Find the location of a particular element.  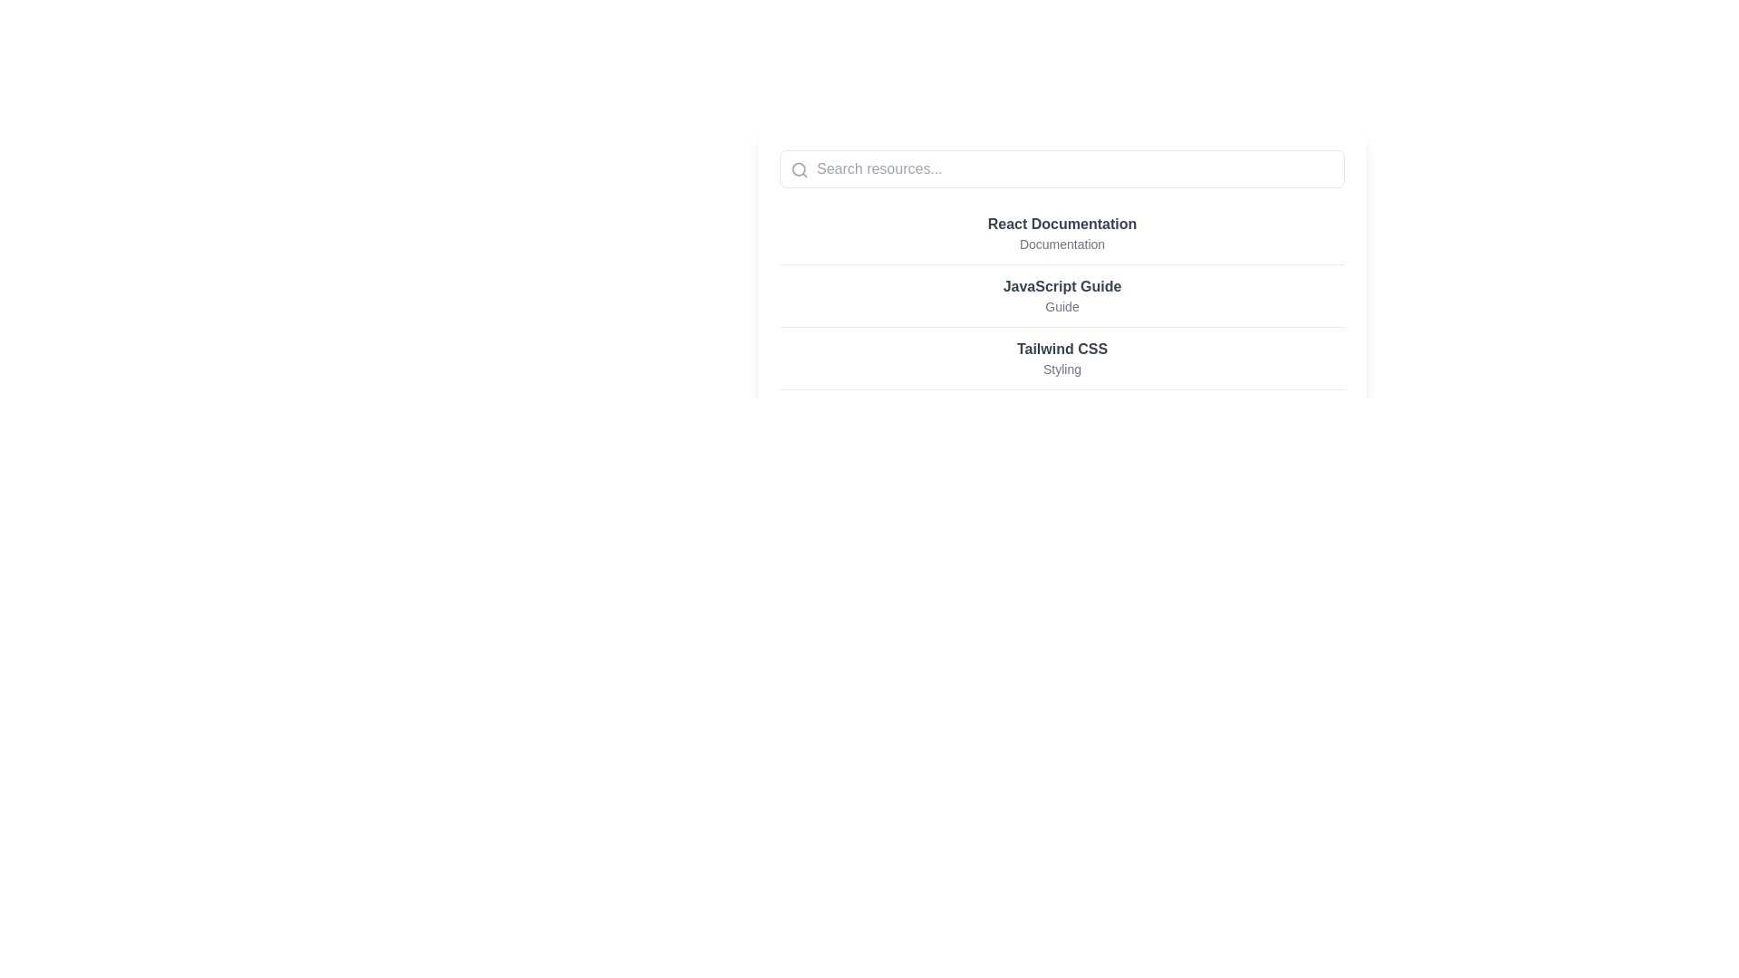

the first text label with a hyperlink that provides a link is located at coordinates (1062, 233).